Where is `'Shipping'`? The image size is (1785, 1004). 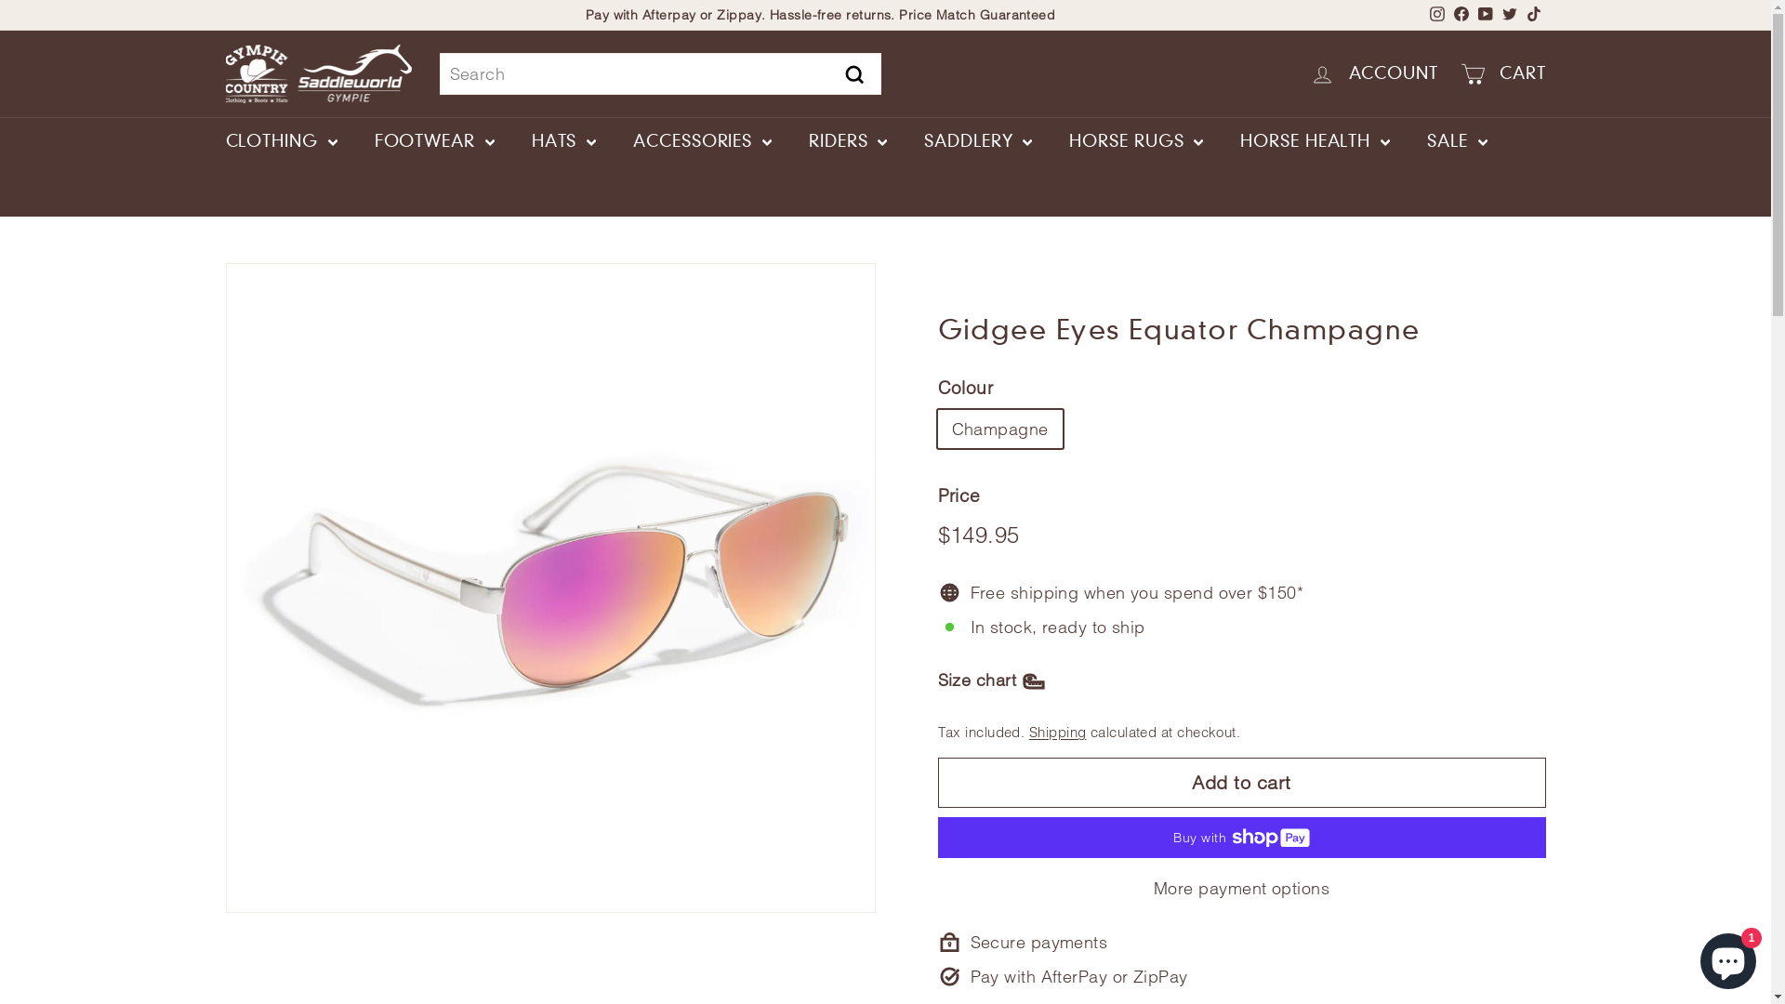
'Shipping' is located at coordinates (1057, 731).